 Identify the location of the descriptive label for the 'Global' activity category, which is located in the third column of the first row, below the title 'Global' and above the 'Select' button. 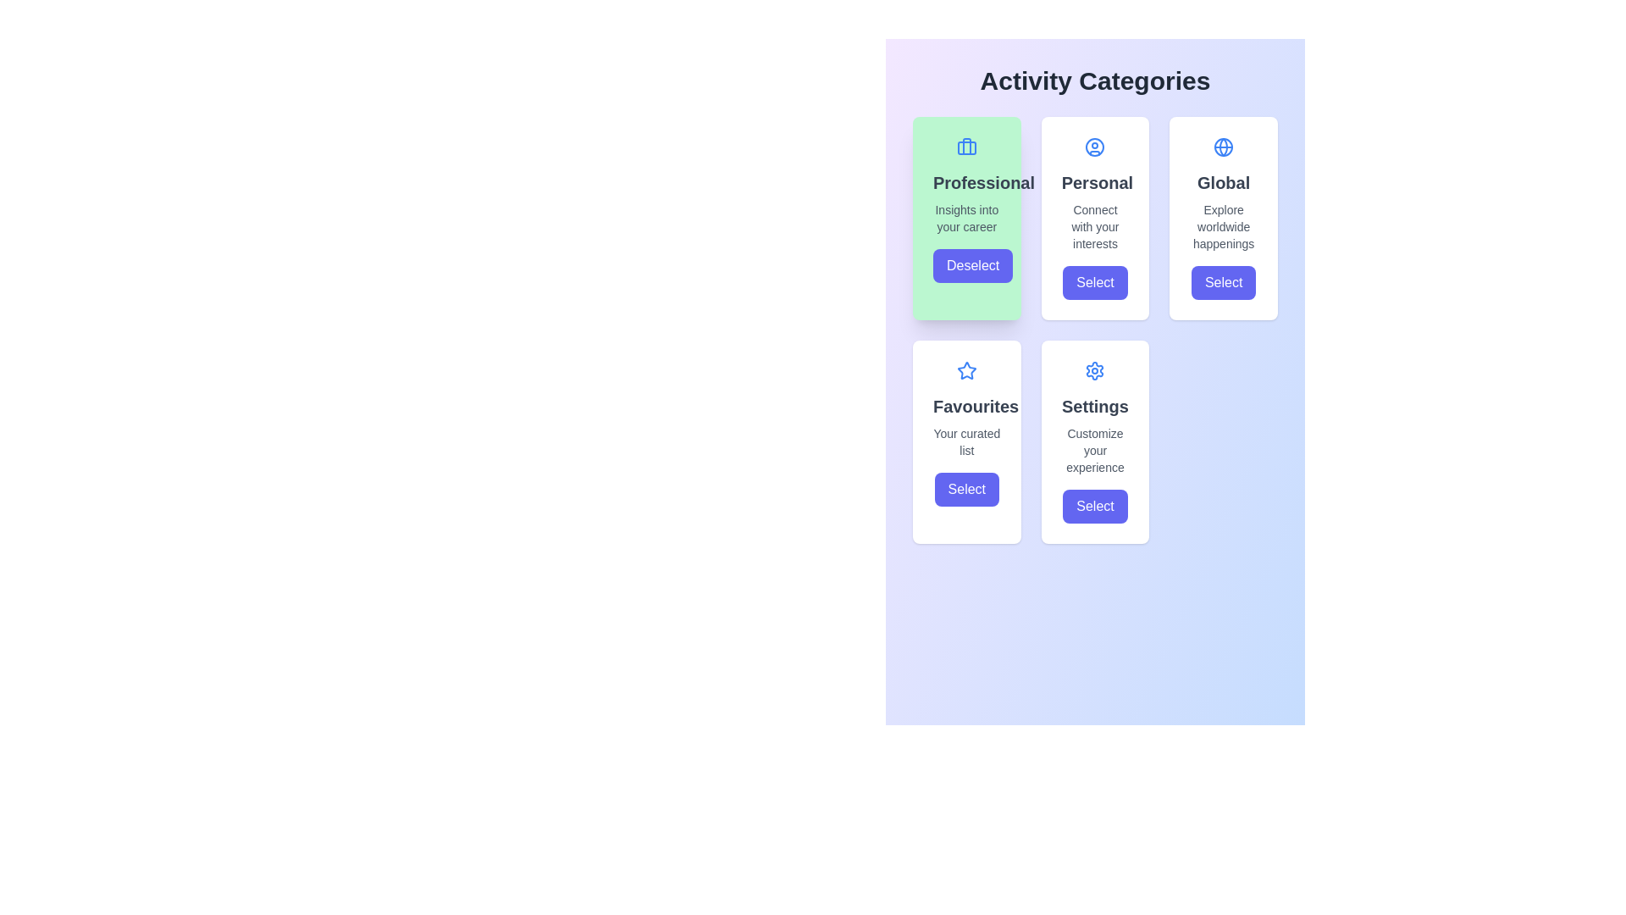
(1224, 225).